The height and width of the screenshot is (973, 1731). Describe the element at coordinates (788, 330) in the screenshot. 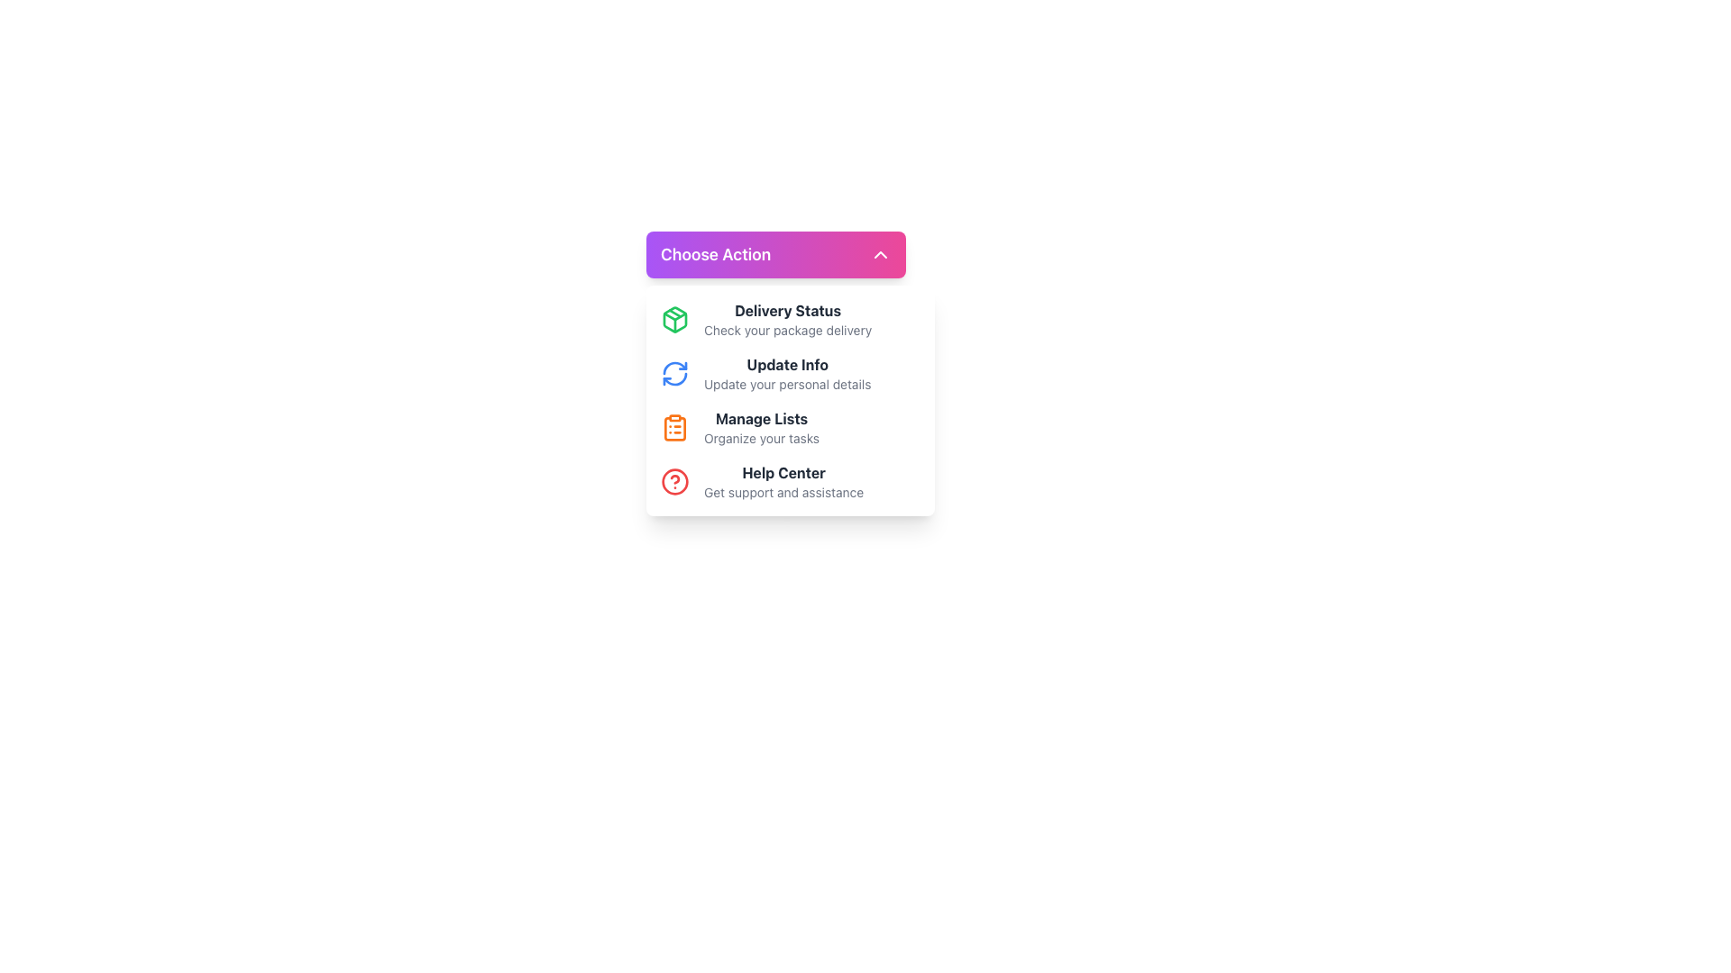

I see `the Static Informational Text that reads 'Check your package delivery'` at that location.